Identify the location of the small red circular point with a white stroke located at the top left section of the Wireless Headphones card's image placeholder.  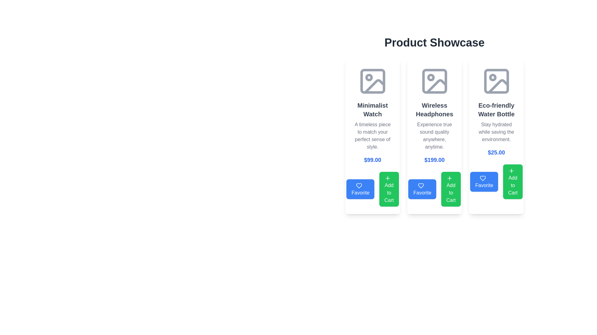
(430, 77).